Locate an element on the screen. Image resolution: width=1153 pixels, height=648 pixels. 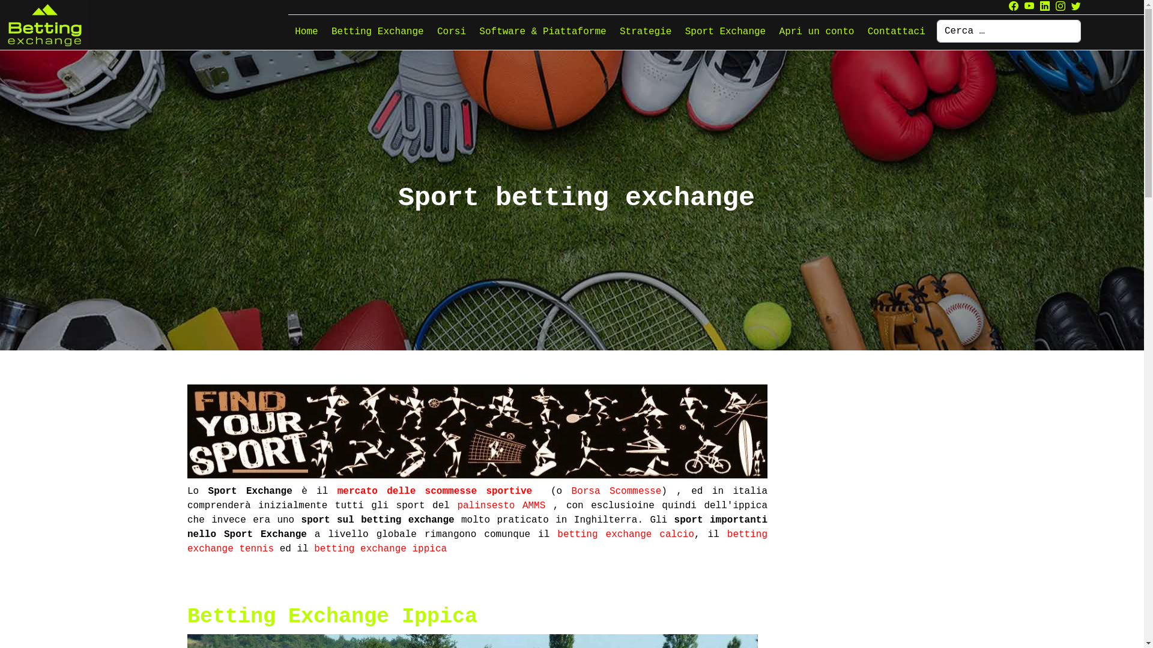
'Twitter' is located at coordinates (1068, 7).